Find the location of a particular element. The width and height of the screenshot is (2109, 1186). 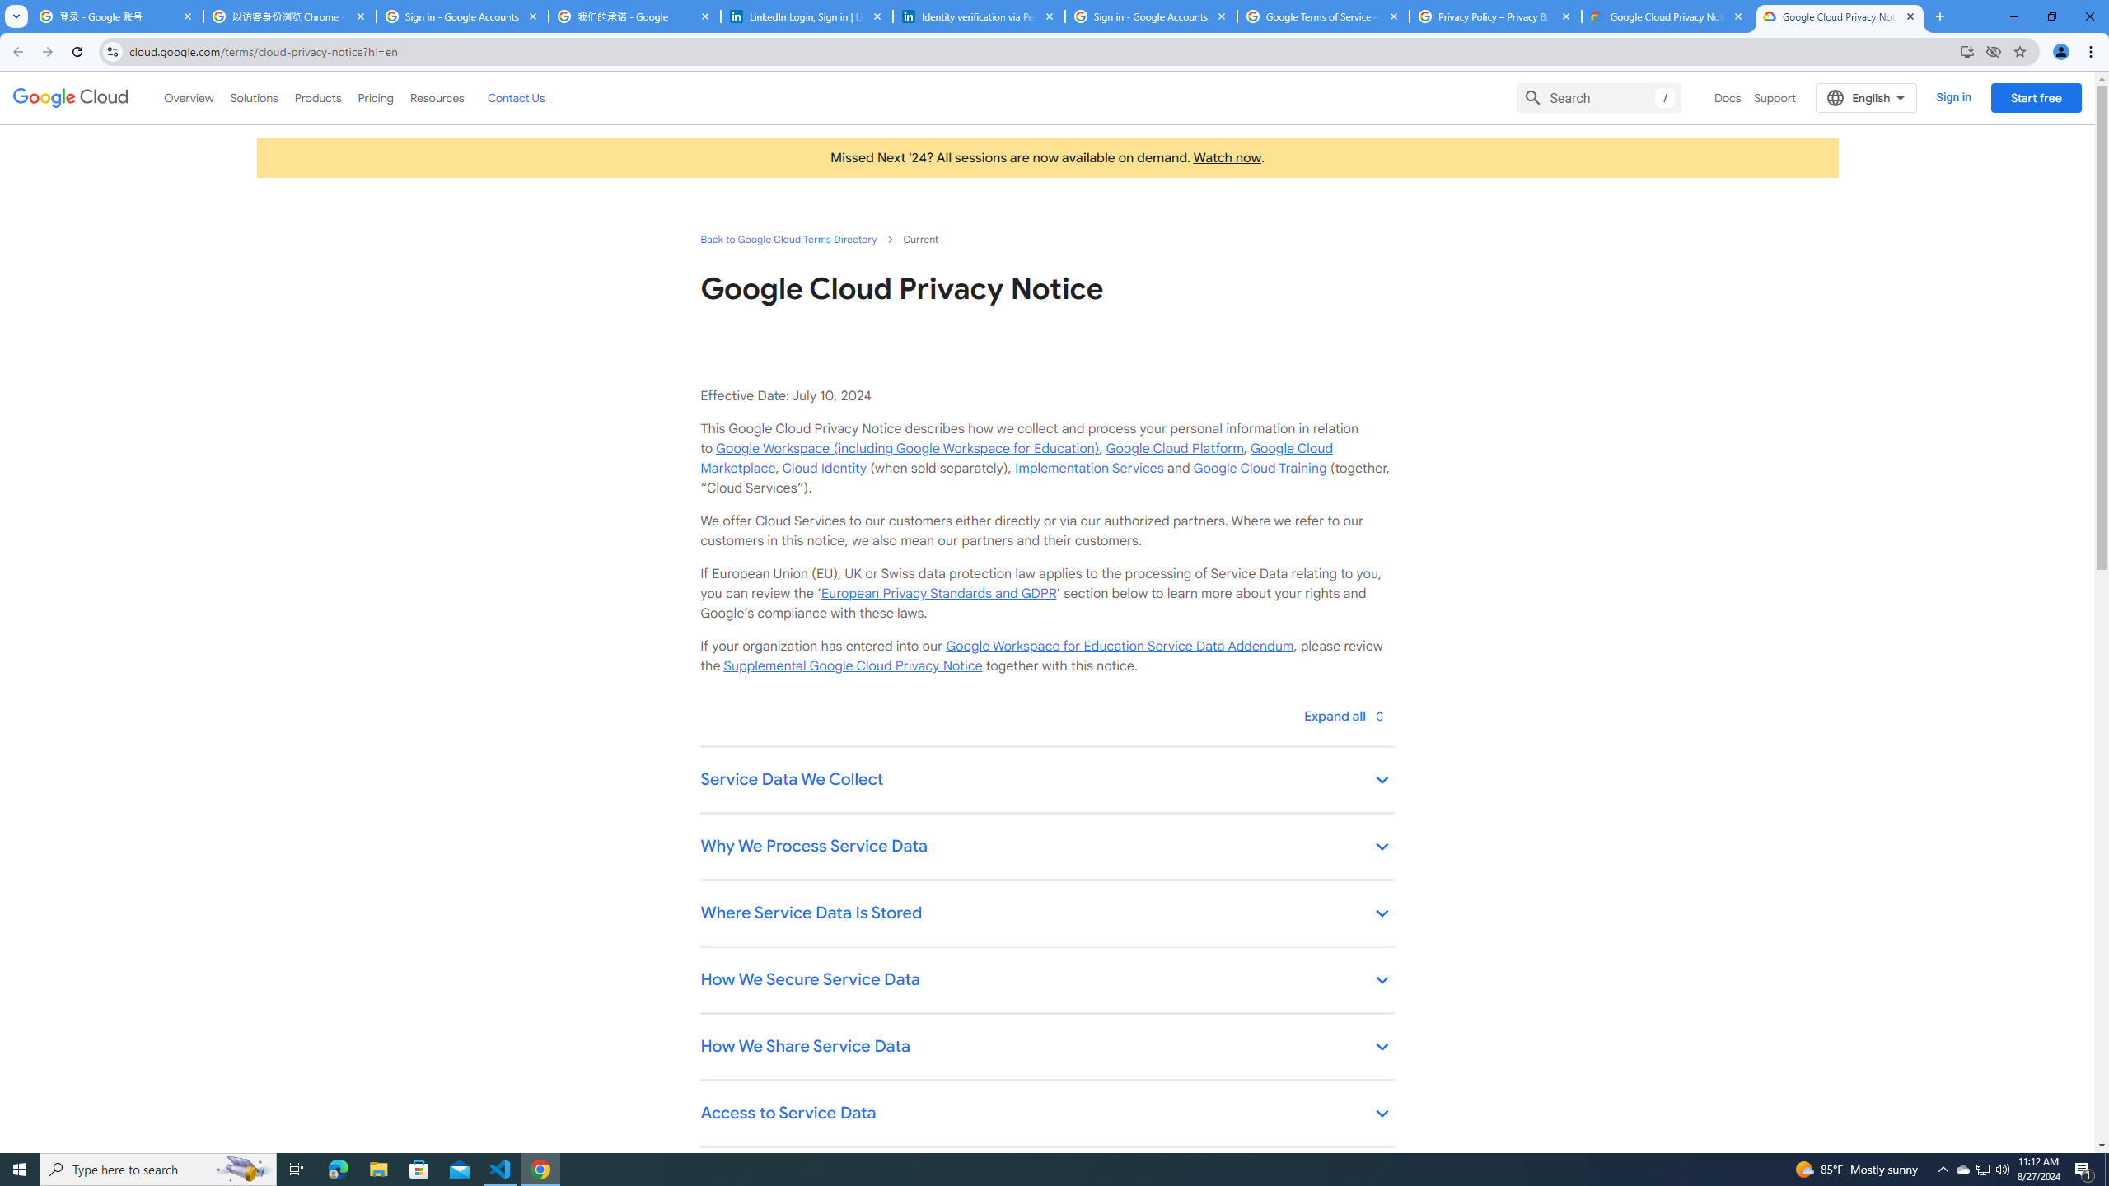

'Products' is located at coordinates (316, 97).